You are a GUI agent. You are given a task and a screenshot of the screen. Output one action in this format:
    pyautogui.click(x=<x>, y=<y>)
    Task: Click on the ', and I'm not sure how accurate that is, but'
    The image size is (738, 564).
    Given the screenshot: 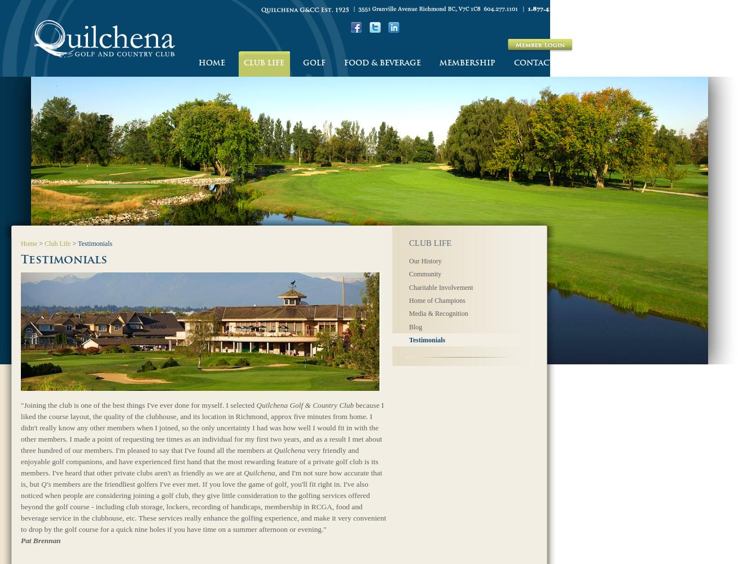 What is the action you would take?
    pyautogui.click(x=201, y=477)
    